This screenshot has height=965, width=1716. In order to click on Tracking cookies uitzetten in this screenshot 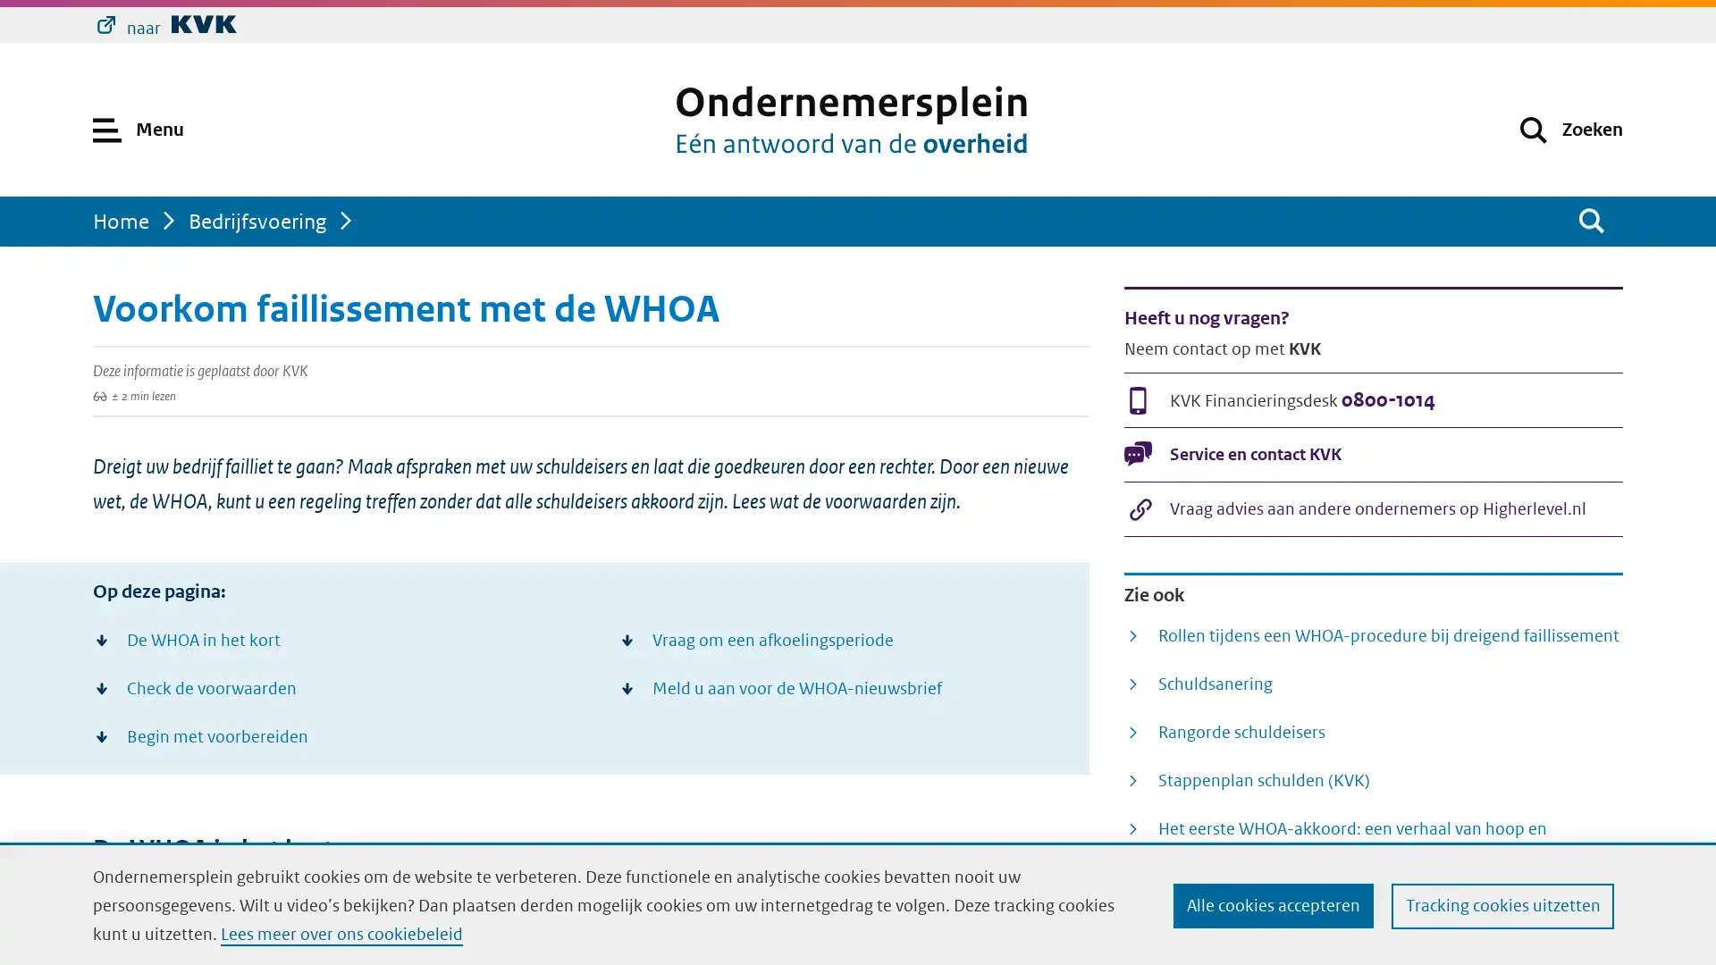, I will do `click(1501, 903)`.